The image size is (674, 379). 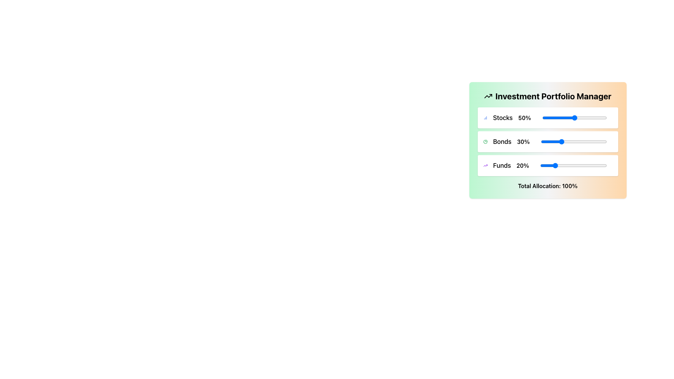 What do you see at coordinates (600, 117) in the screenshot?
I see `the allocation percentage of the Stocks slider` at bounding box center [600, 117].